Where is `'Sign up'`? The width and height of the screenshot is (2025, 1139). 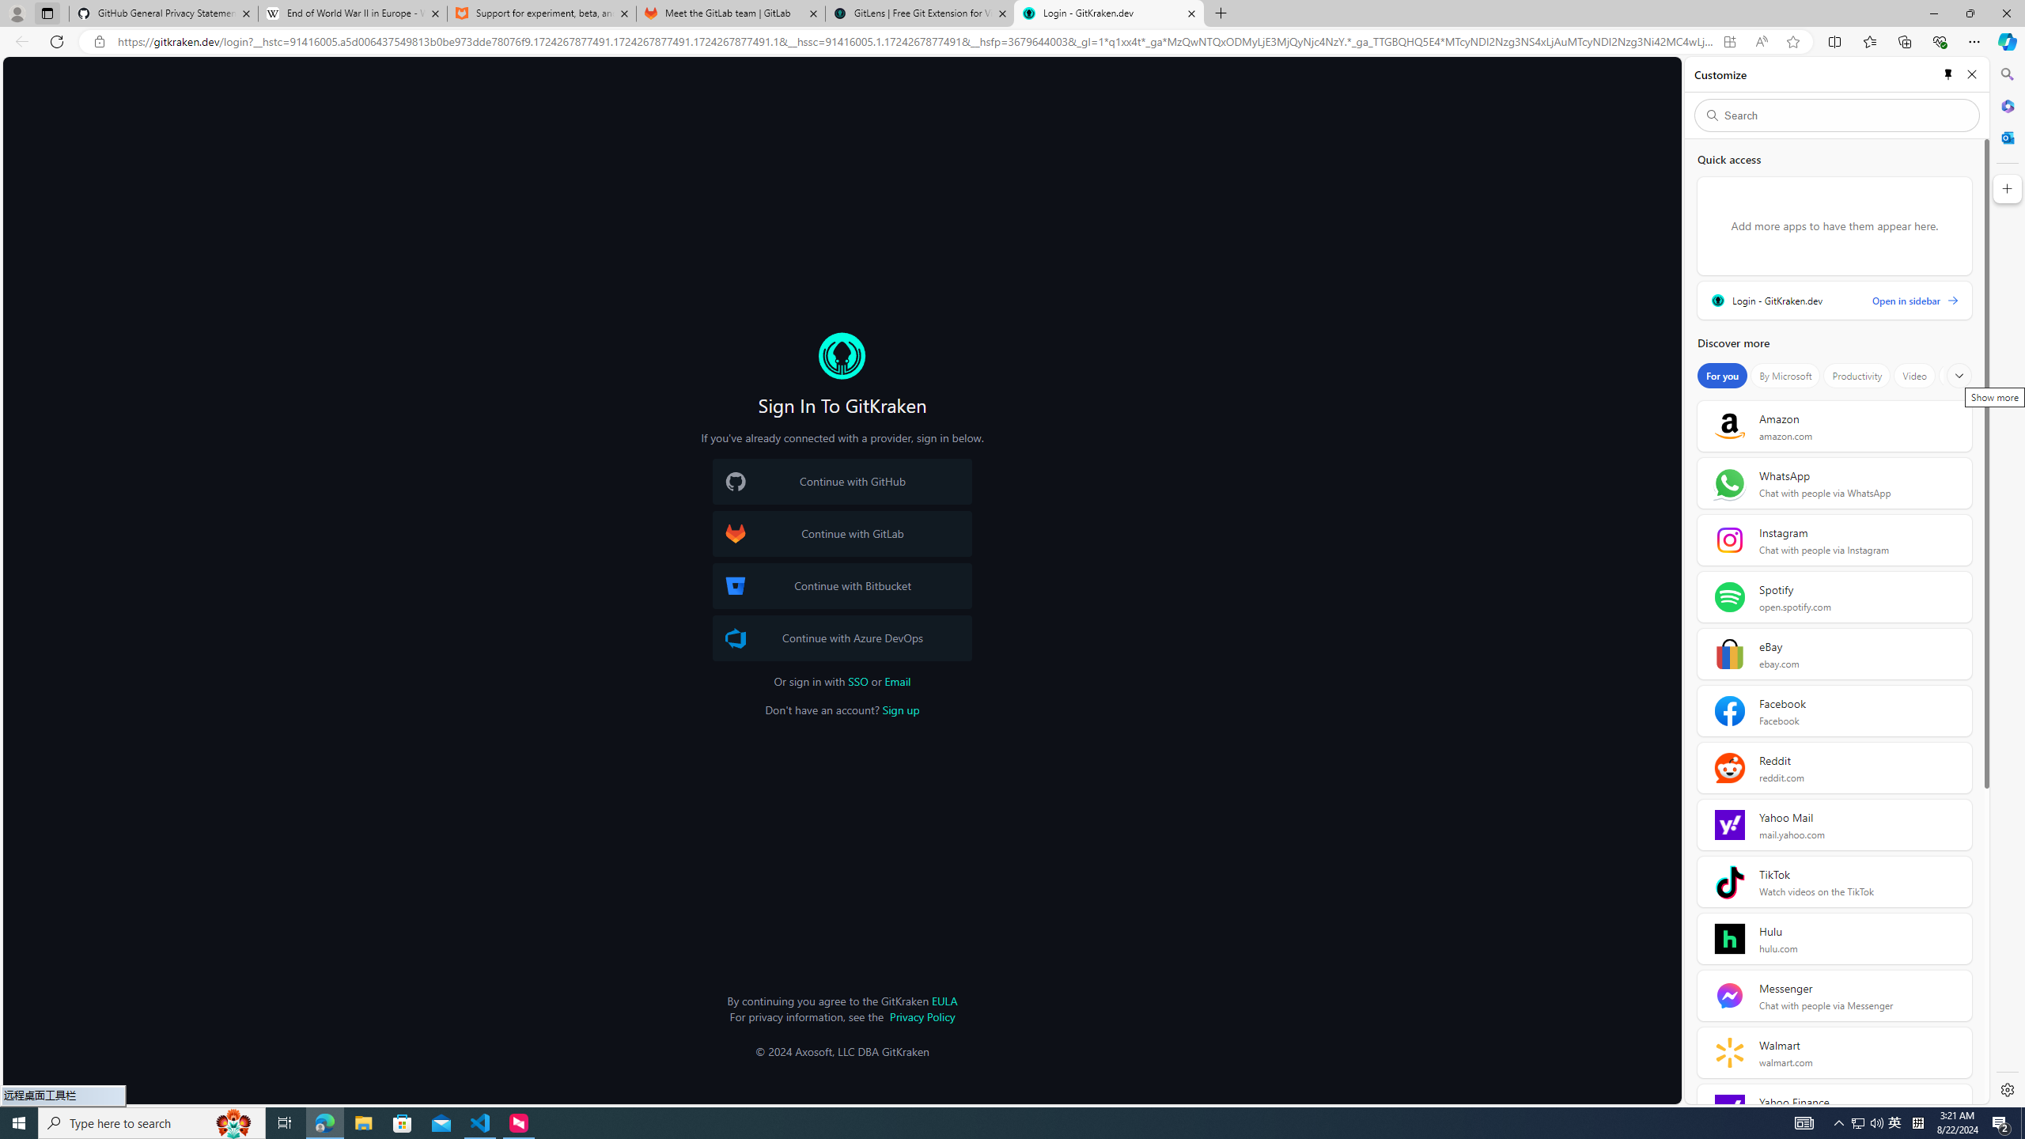
'Sign up' is located at coordinates (900, 709).